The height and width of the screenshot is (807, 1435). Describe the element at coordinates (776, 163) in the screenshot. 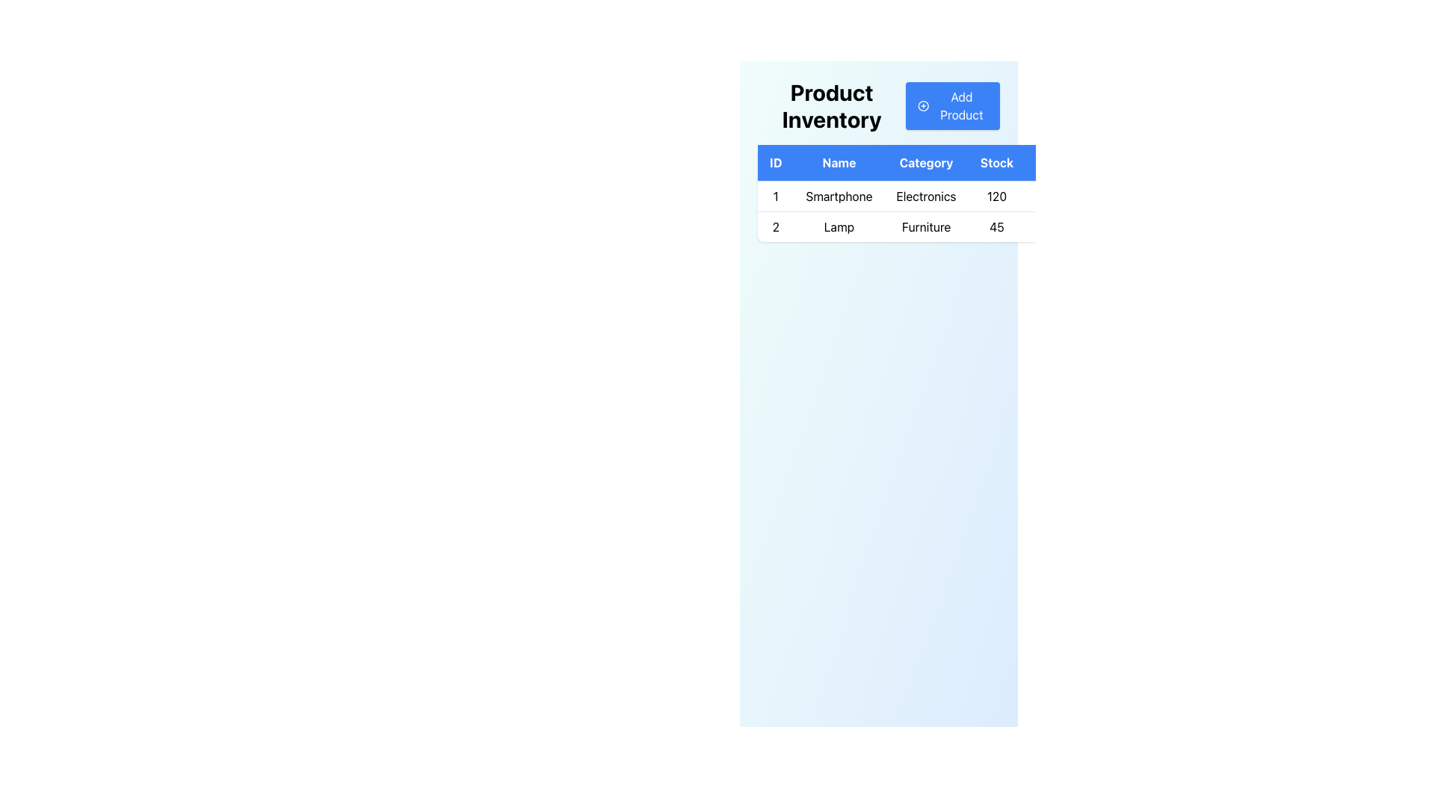

I see `the Text Label that serves as the column header for unique identifiers in the data table, located at the top-left of the table header` at that location.